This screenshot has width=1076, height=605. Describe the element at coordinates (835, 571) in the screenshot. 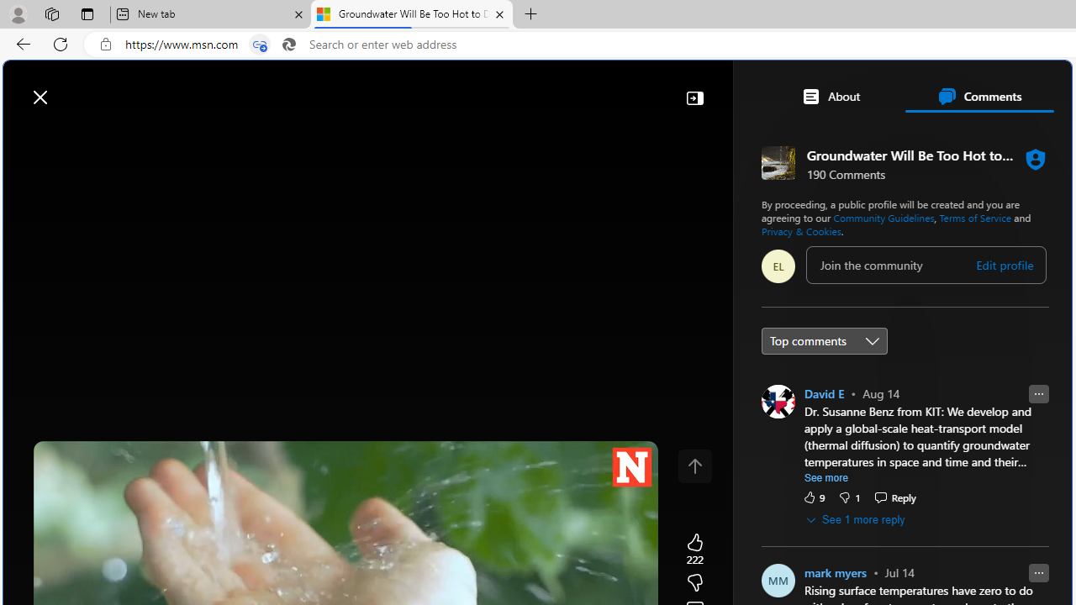

I see `'mark myers'` at that location.